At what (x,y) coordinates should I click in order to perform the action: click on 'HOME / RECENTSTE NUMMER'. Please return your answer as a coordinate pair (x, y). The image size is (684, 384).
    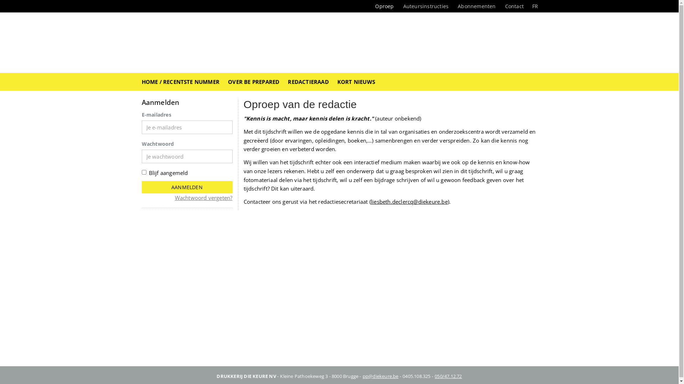
    Looking at the image, I should click on (181, 81).